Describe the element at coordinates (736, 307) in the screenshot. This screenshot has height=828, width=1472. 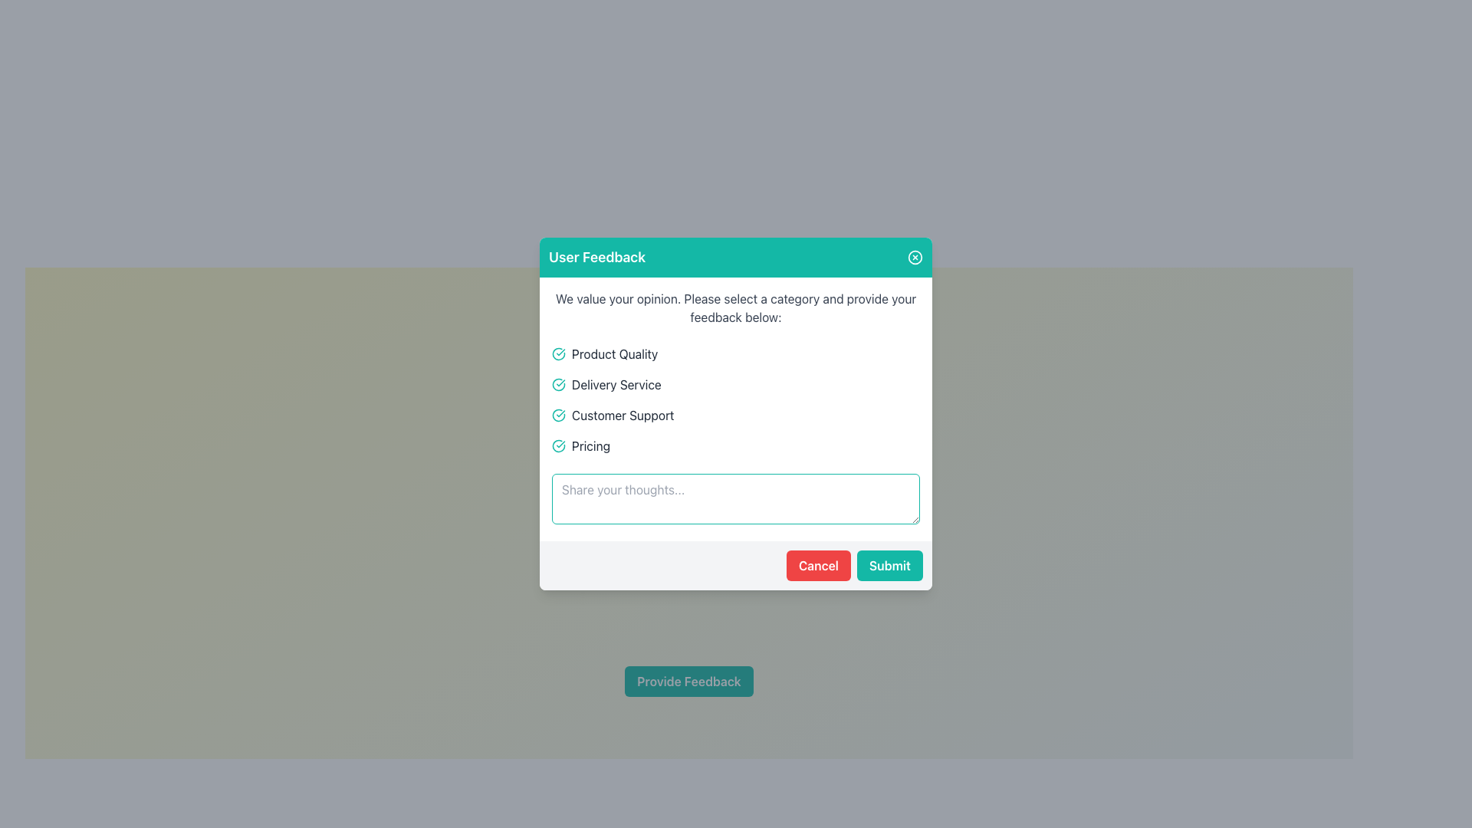
I see `the instructional static text located in the 'User Feedback' modal dialog, which is positioned directly below the green header and above category options` at that location.